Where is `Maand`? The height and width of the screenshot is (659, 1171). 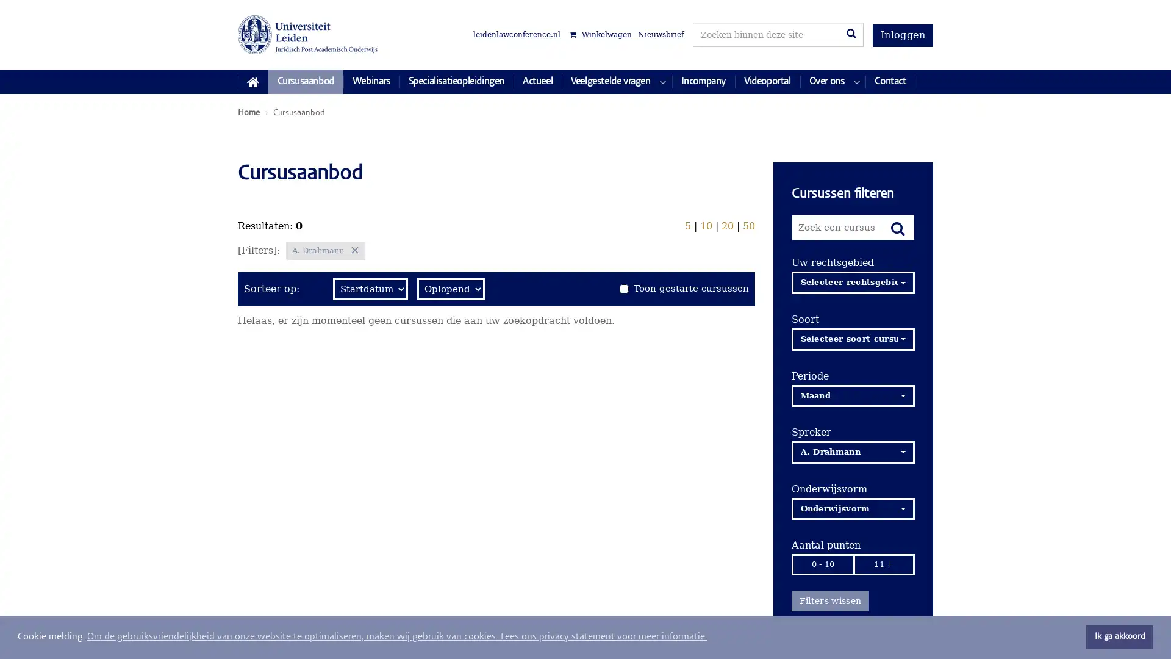
Maand is located at coordinates (852, 395).